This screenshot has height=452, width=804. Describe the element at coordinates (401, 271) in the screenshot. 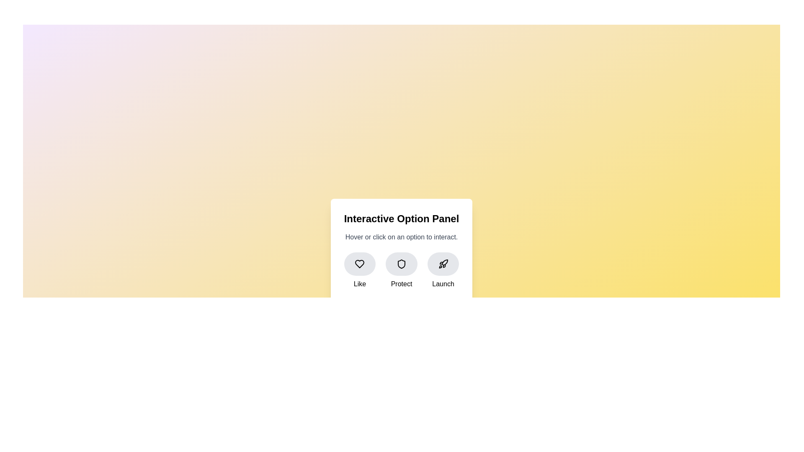

I see `the 'Protect' Icon button, which is the second option in the Interactive Option Panel` at that location.